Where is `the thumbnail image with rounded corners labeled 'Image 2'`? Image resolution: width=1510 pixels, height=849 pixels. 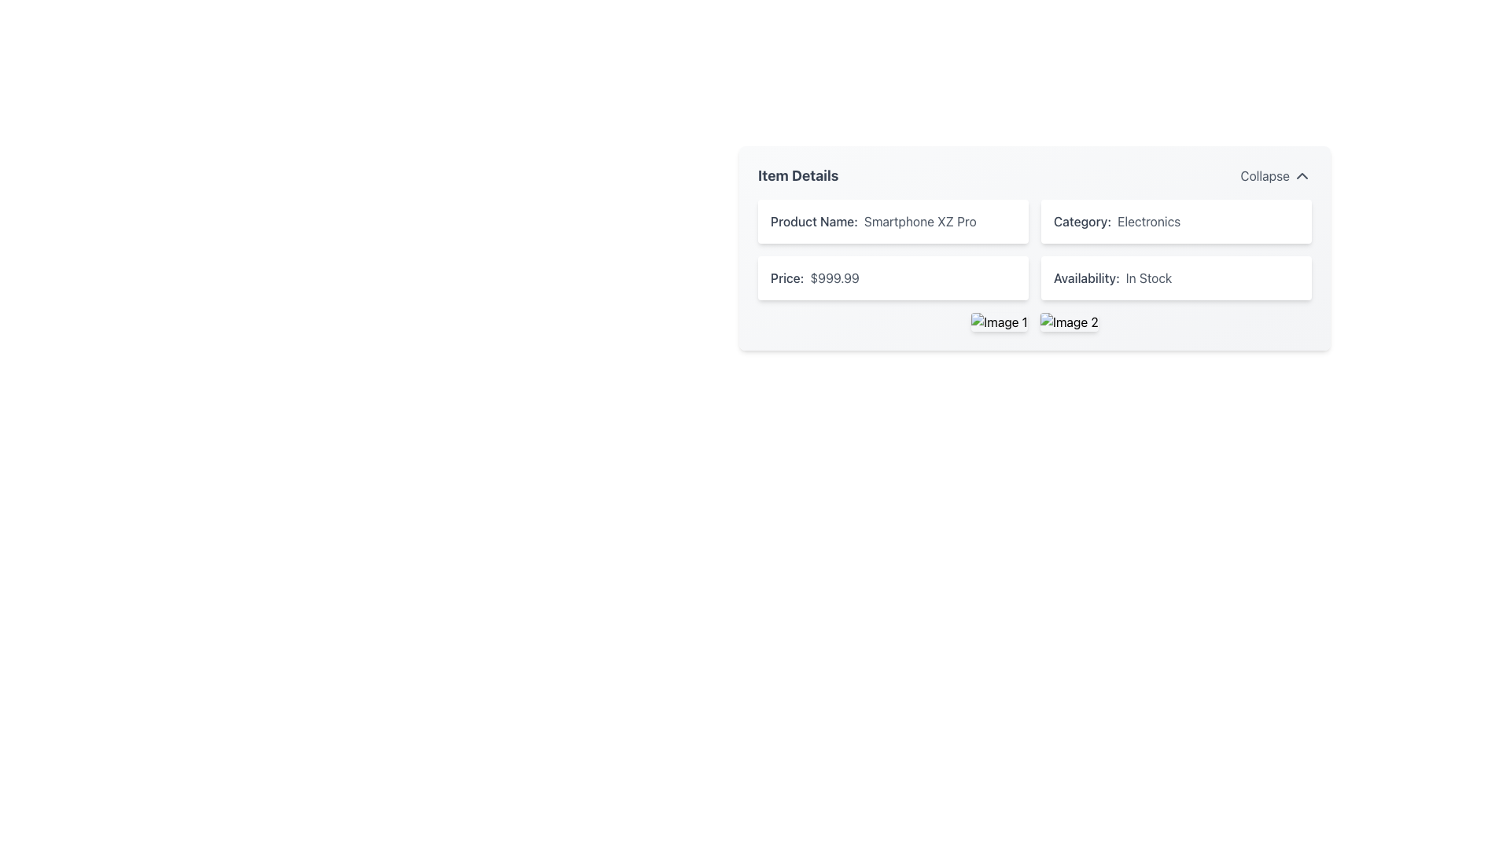
the thumbnail image with rounded corners labeled 'Image 2' is located at coordinates (1068, 321).